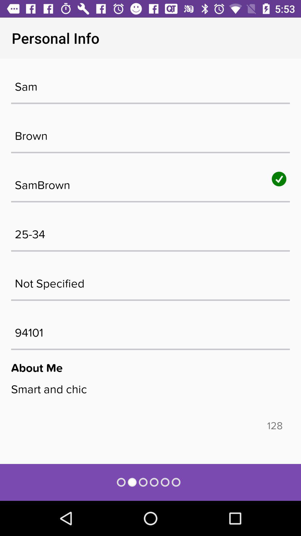 This screenshot has width=301, height=536. I want to click on the sambrown, so click(151, 182).